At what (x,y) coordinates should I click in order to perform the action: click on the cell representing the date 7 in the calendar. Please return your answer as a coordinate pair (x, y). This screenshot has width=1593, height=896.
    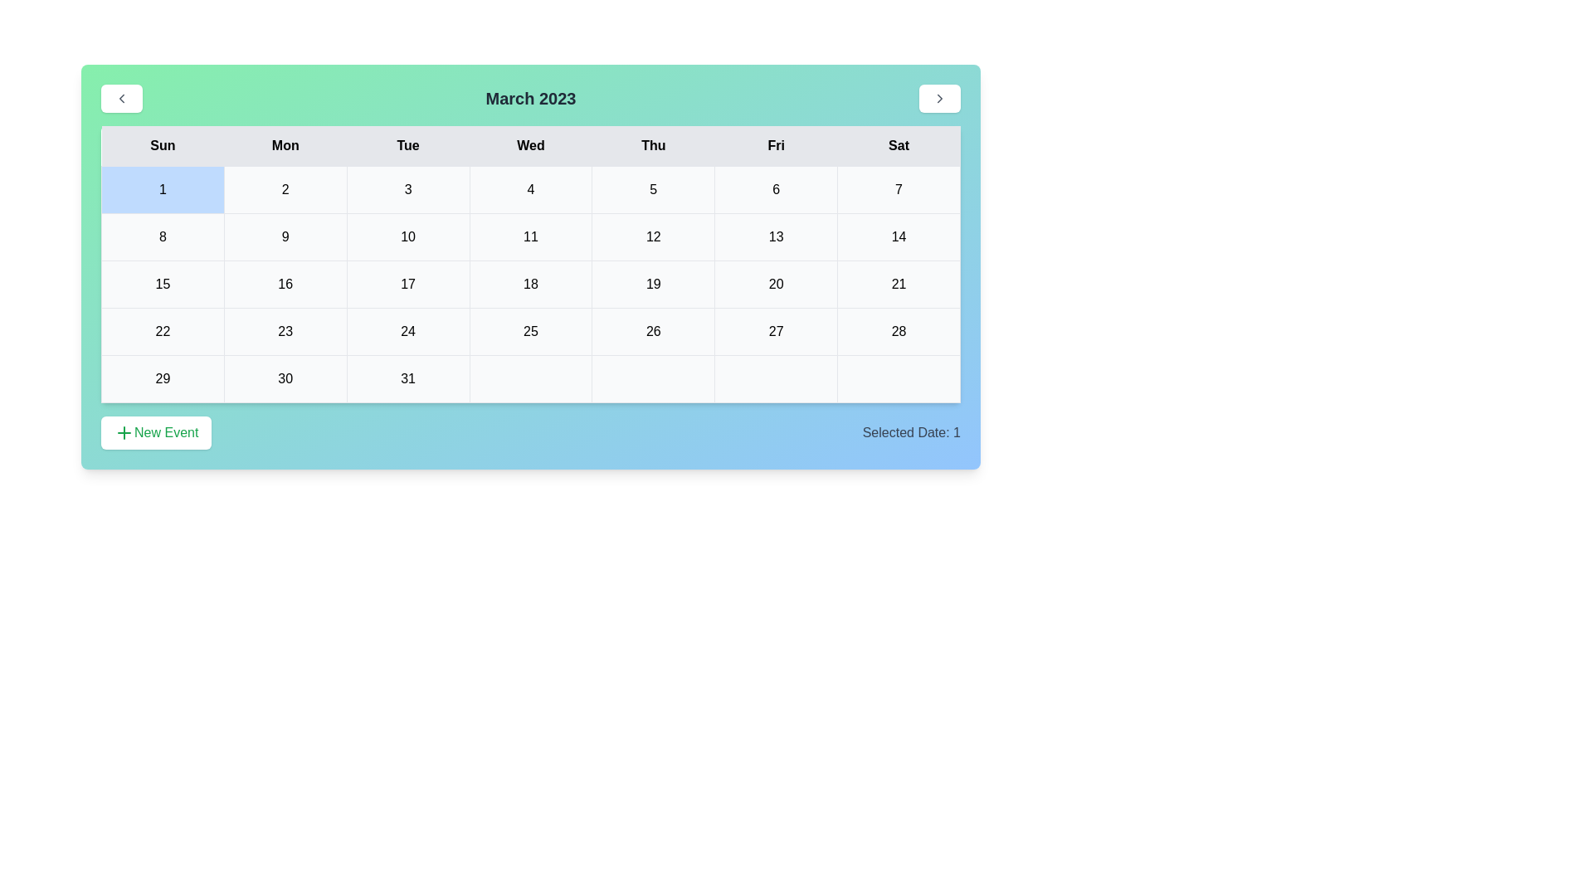
    Looking at the image, I should click on (899, 188).